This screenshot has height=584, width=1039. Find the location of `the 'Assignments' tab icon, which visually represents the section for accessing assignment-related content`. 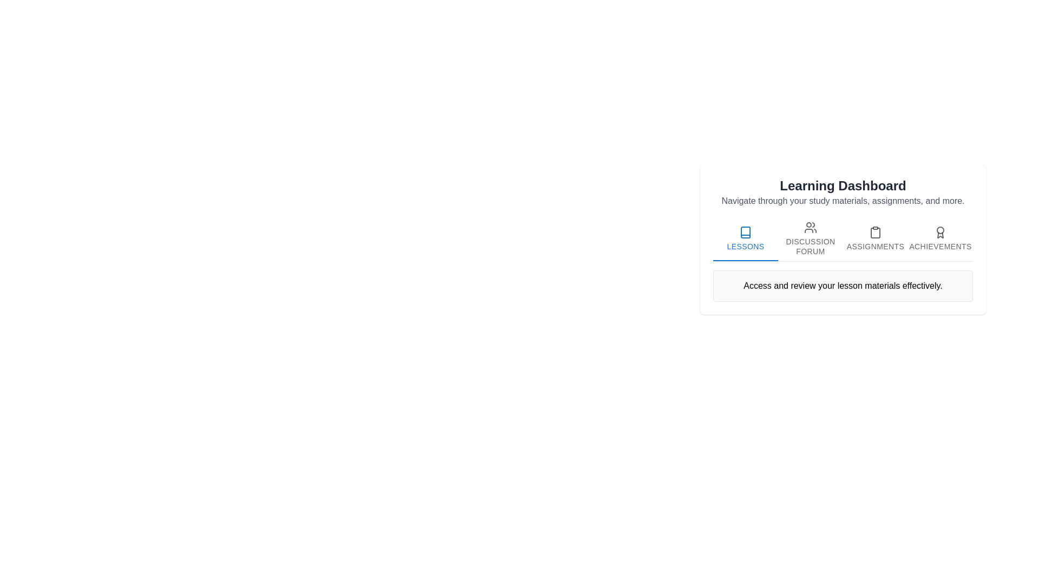

the 'Assignments' tab icon, which visually represents the section for accessing assignment-related content is located at coordinates (875, 231).